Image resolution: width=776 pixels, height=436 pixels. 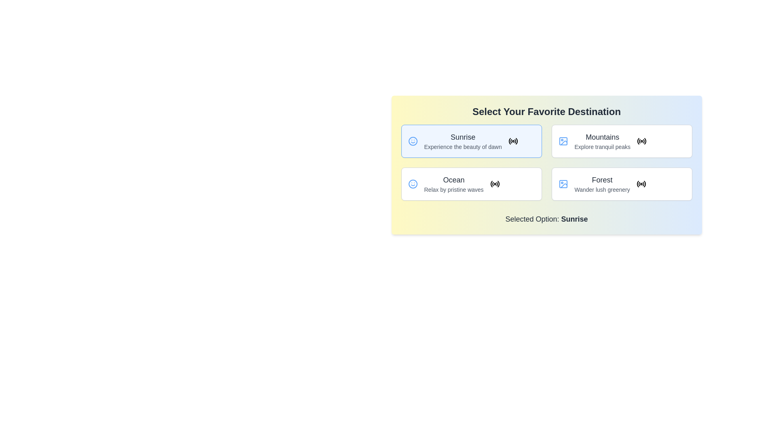 What do you see at coordinates (413, 141) in the screenshot?
I see `the circular graphical component outlined with a stroke, located at the center of the smiling icon within the 'Ocean' selection button in the second row of options` at bounding box center [413, 141].